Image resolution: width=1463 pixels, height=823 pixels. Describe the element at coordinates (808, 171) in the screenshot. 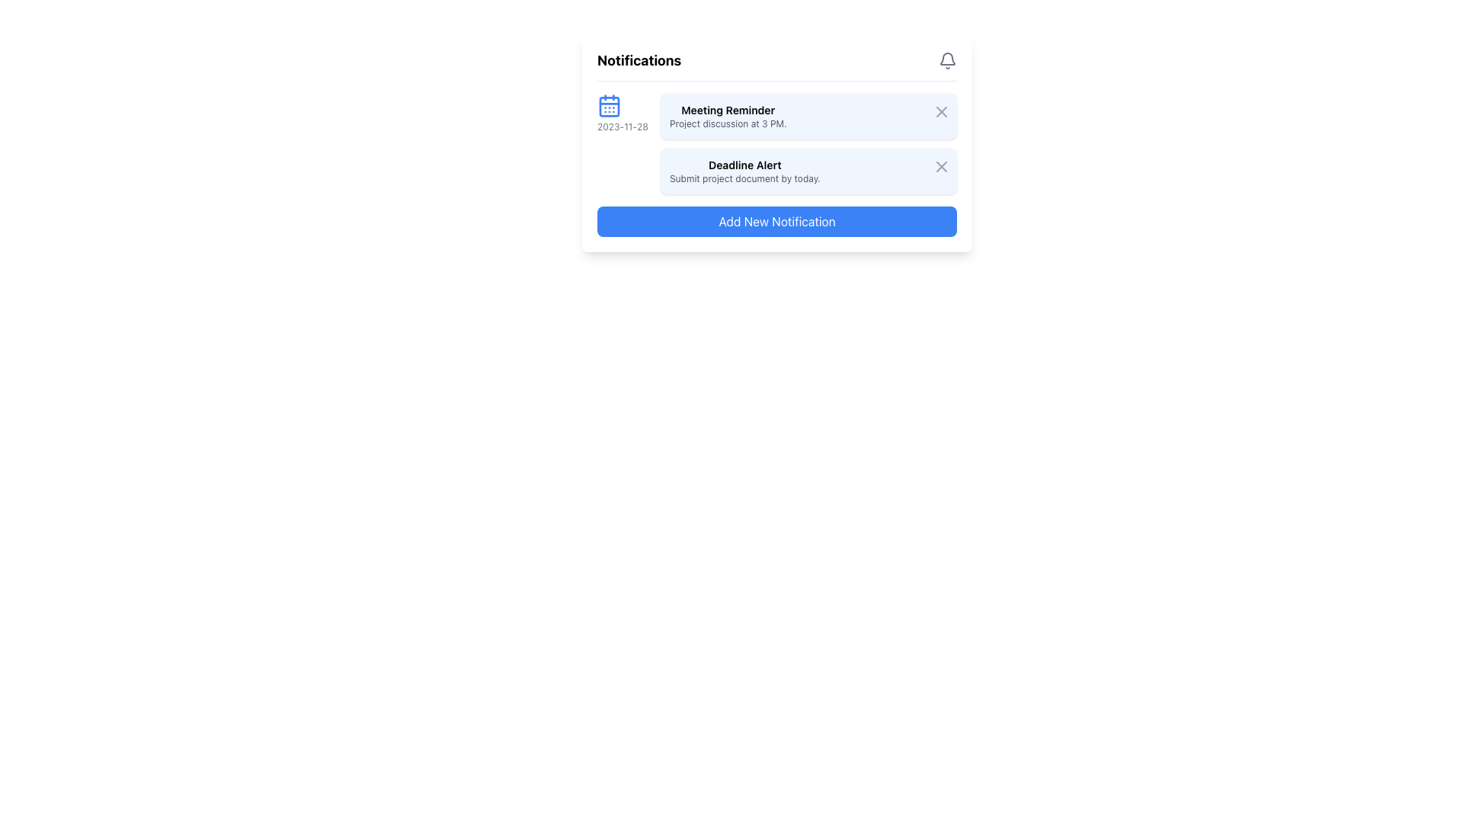

I see `the second notification card with a light blue background, centered message in black bold and grey smaller text, and a close button on the right` at that location.